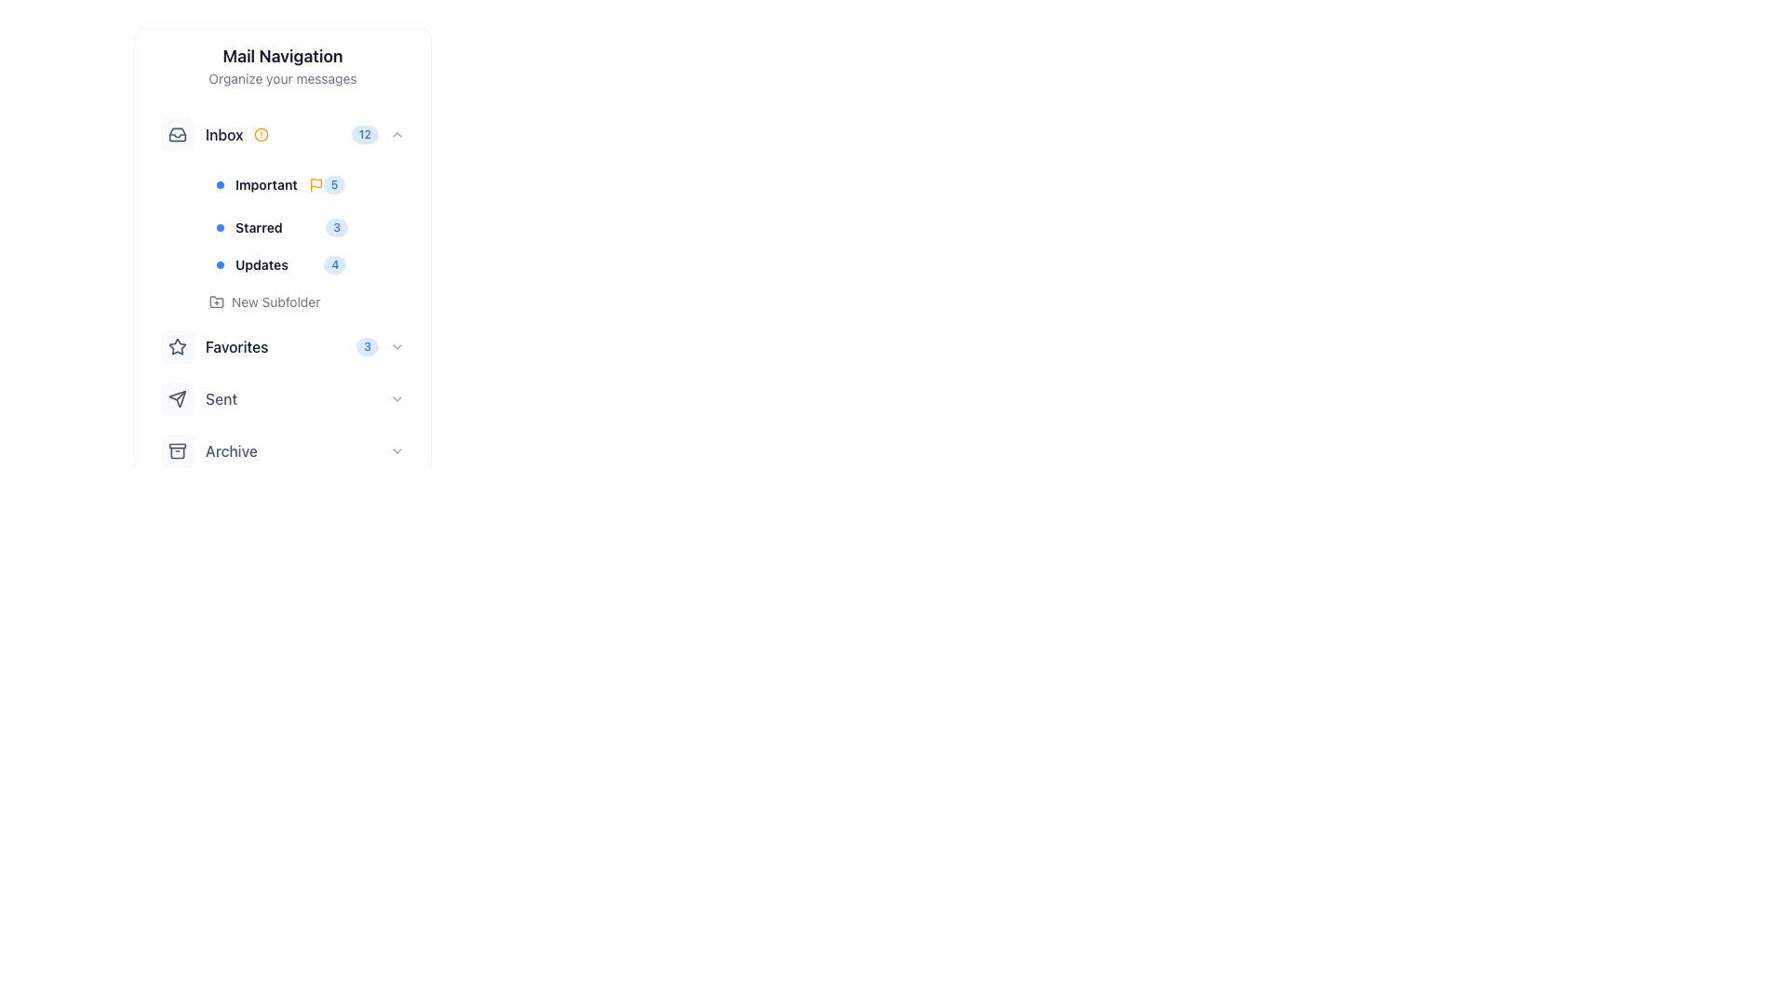 Image resolution: width=1787 pixels, height=1005 pixels. What do you see at coordinates (217, 301) in the screenshot?
I see `the folder icon located in the navigation pane under the 'Inbox' section, adjacent to the 'New Subfolder' text, which is styled in red` at bounding box center [217, 301].